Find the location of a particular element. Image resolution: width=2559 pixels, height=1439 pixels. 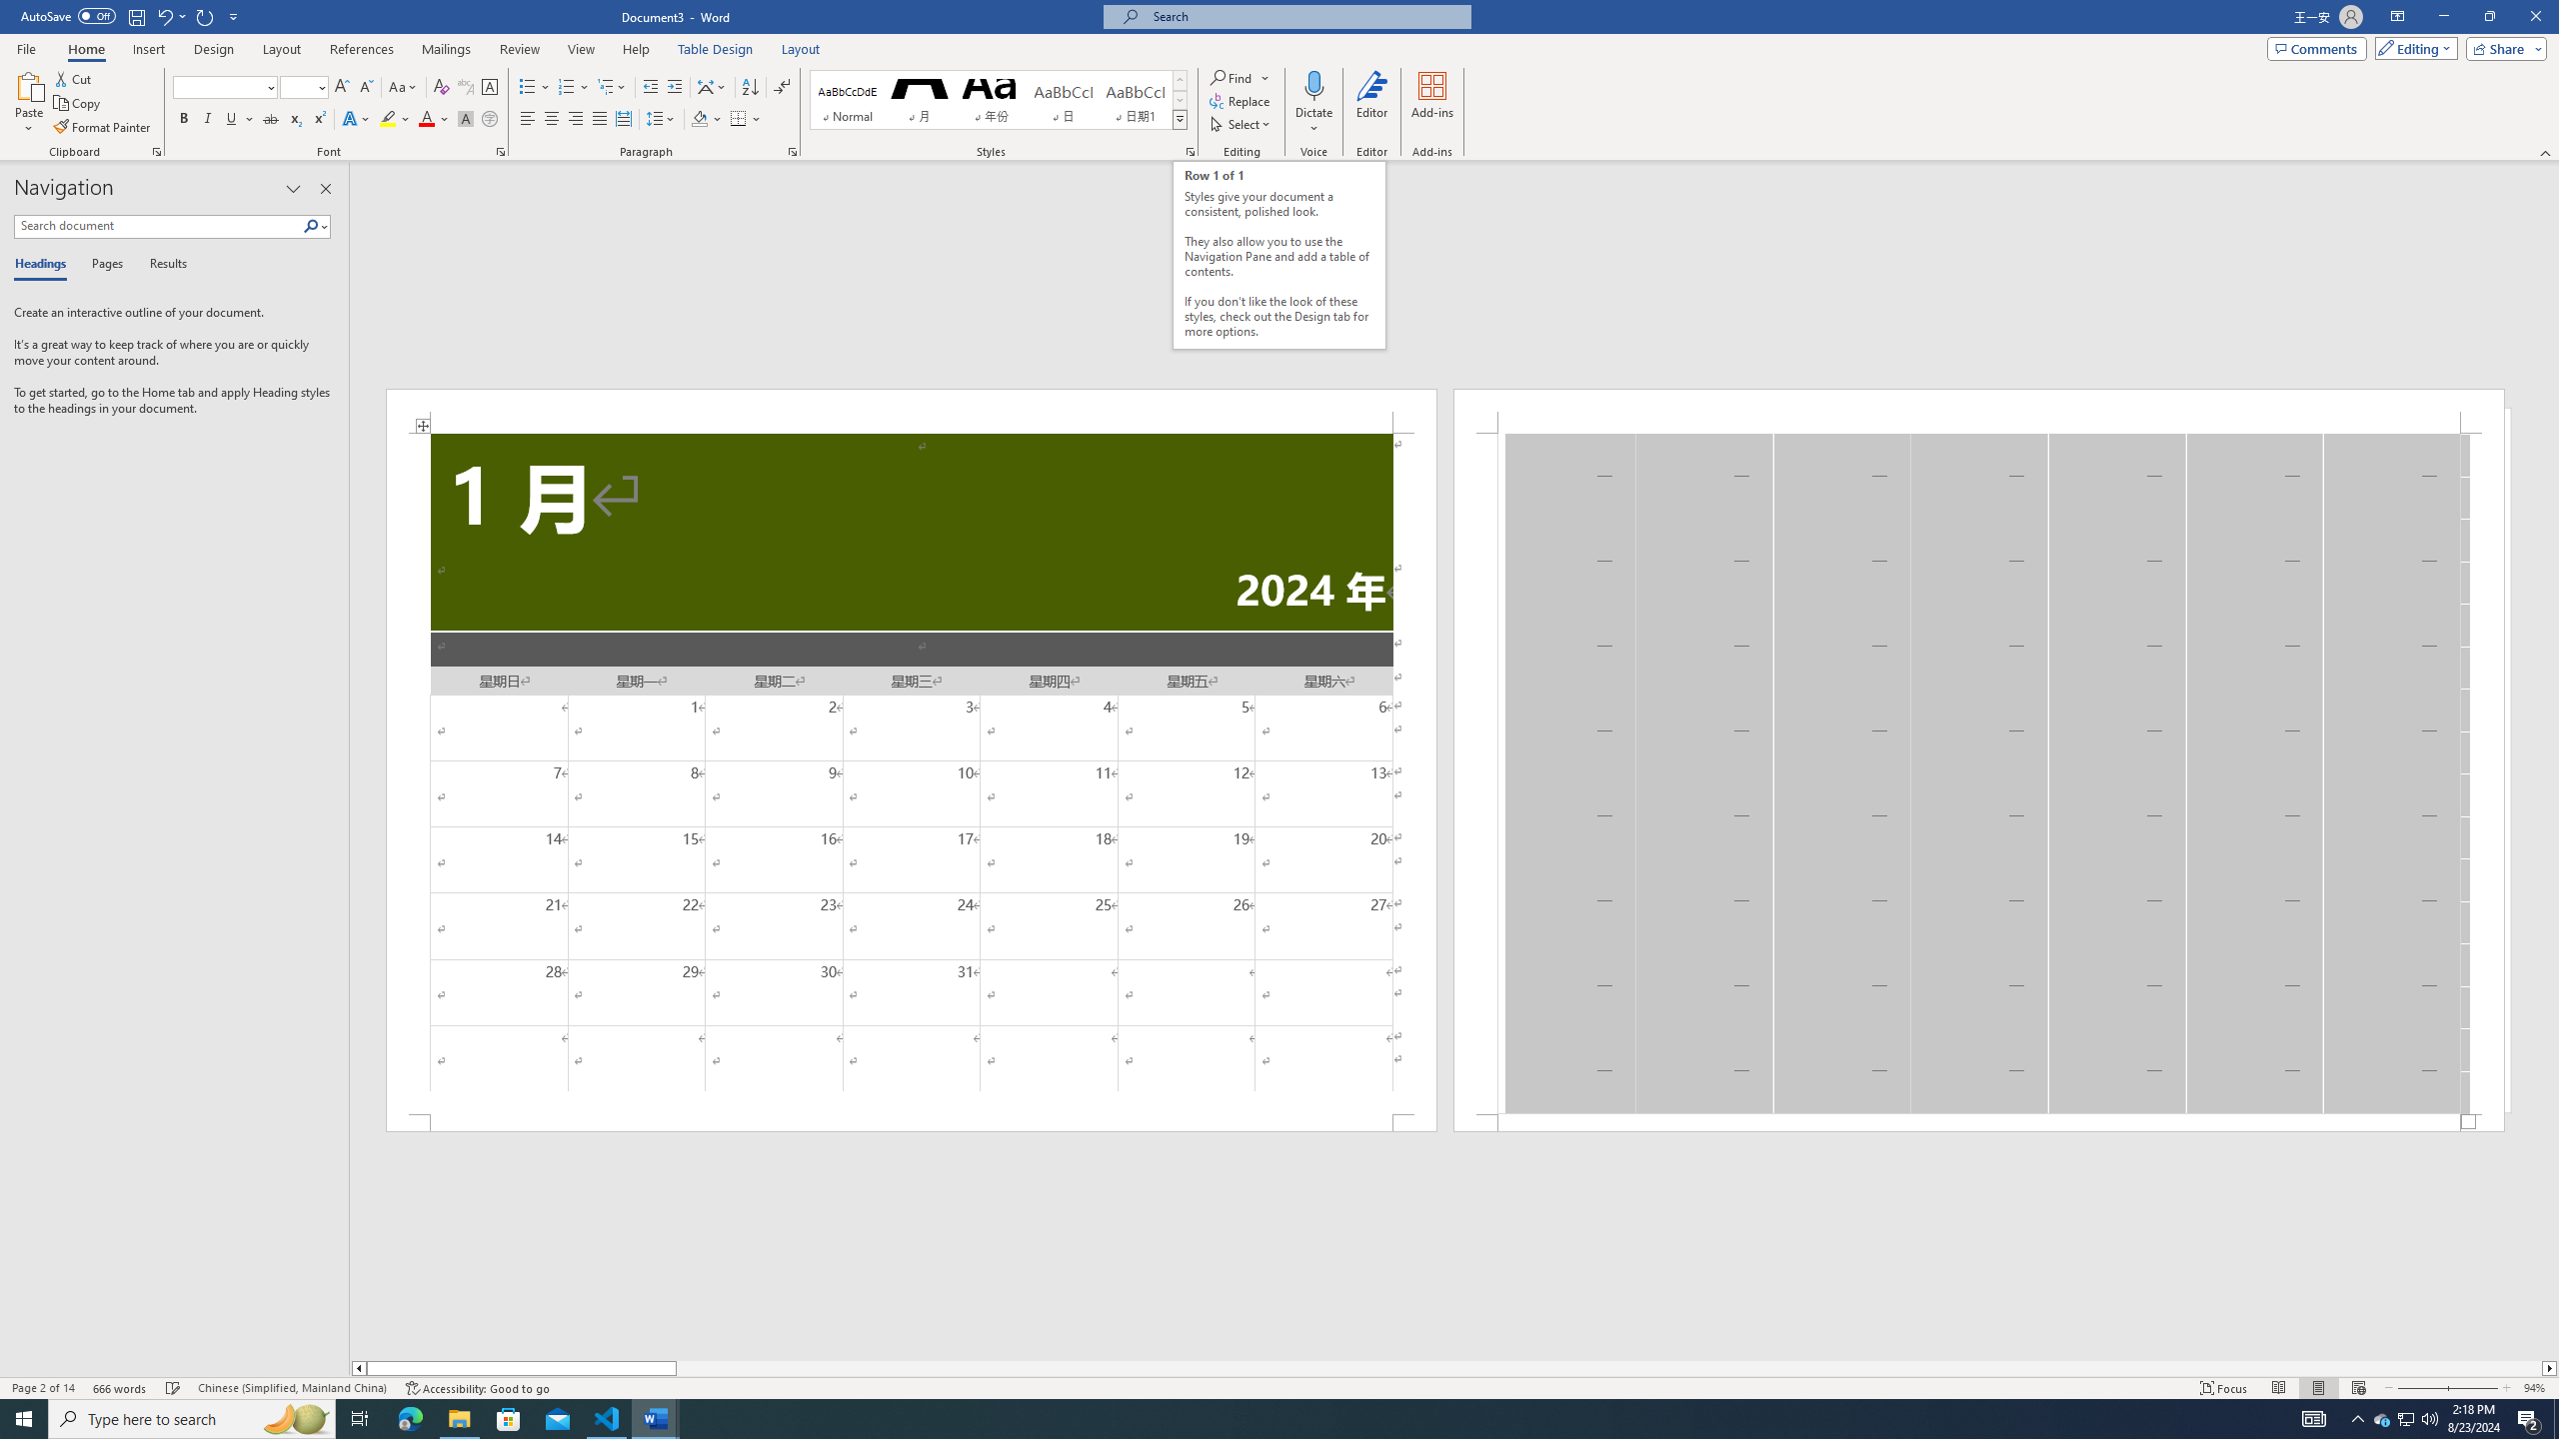

'Undo Distribute Para' is located at coordinates (170, 15).